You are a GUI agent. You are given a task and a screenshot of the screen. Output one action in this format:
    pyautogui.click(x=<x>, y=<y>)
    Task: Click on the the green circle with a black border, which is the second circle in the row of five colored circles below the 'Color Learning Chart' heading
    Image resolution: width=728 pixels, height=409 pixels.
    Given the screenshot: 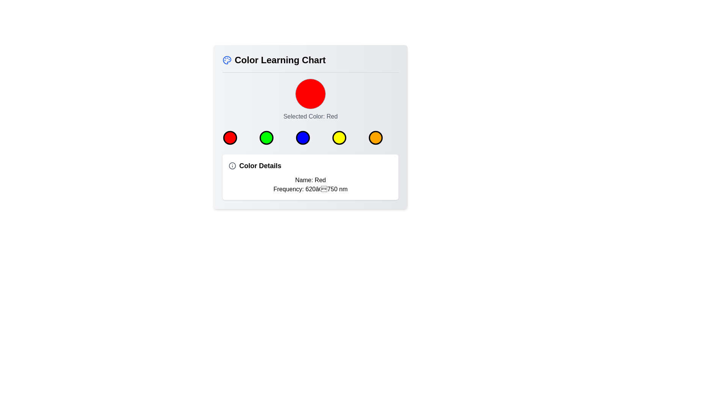 What is the action you would take?
    pyautogui.click(x=266, y=137)
    